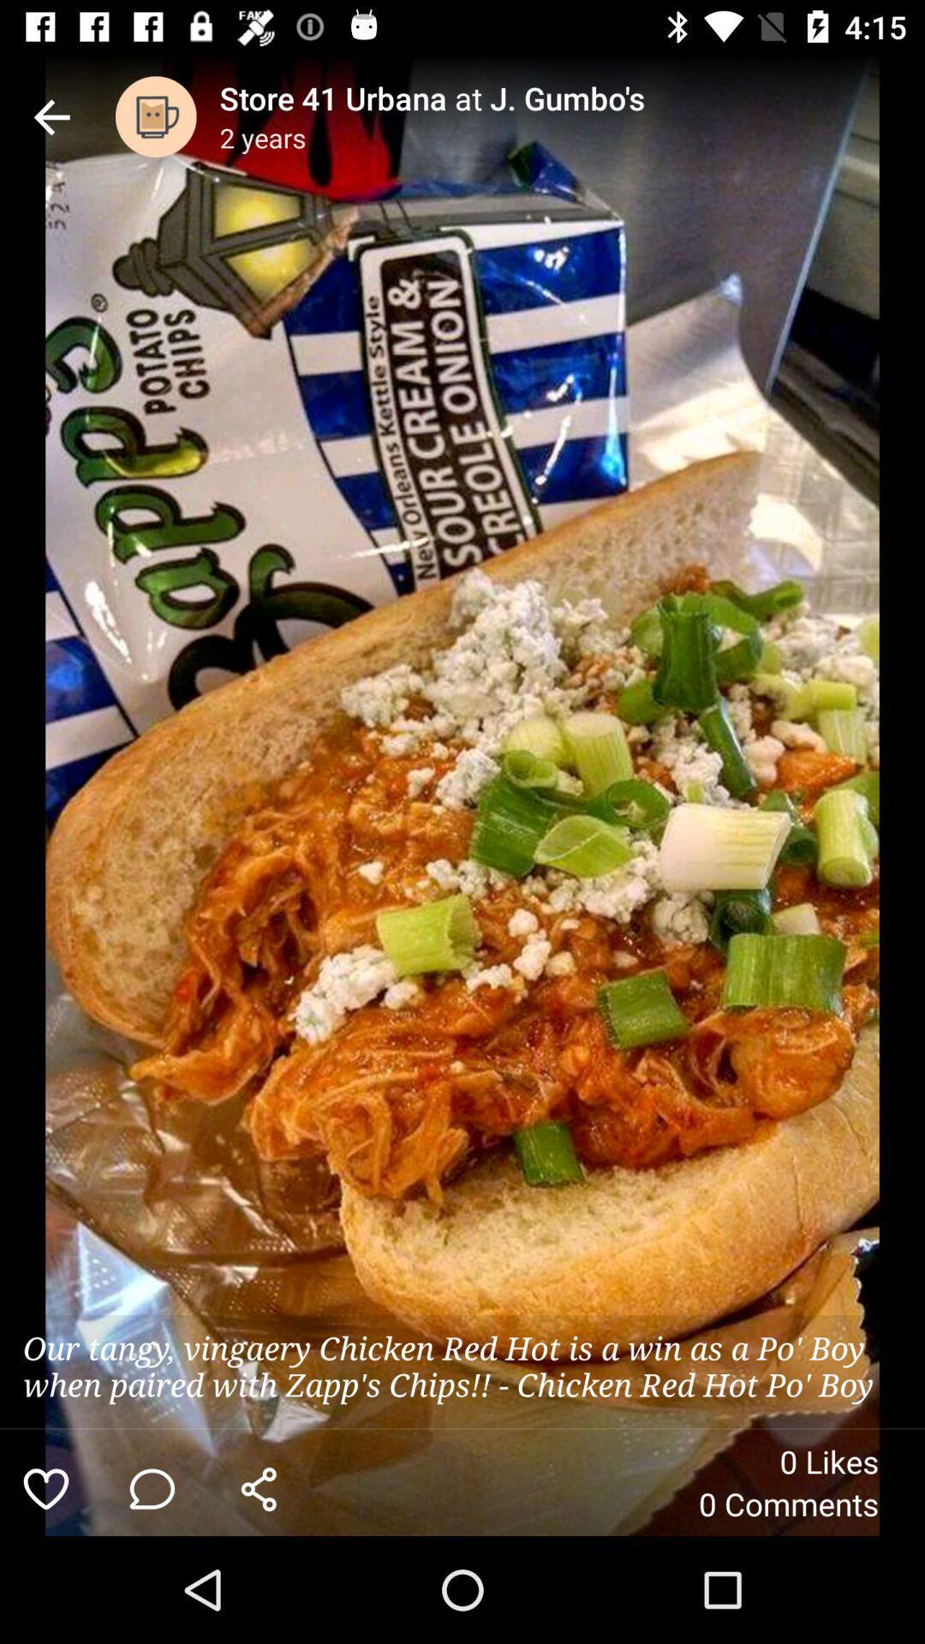 This screenshot has width=925, height=1644. What do you see at coordinates (51, 116) in the screenshot?
I see `the arrow_backward icon` at bounding box center [51, 116].